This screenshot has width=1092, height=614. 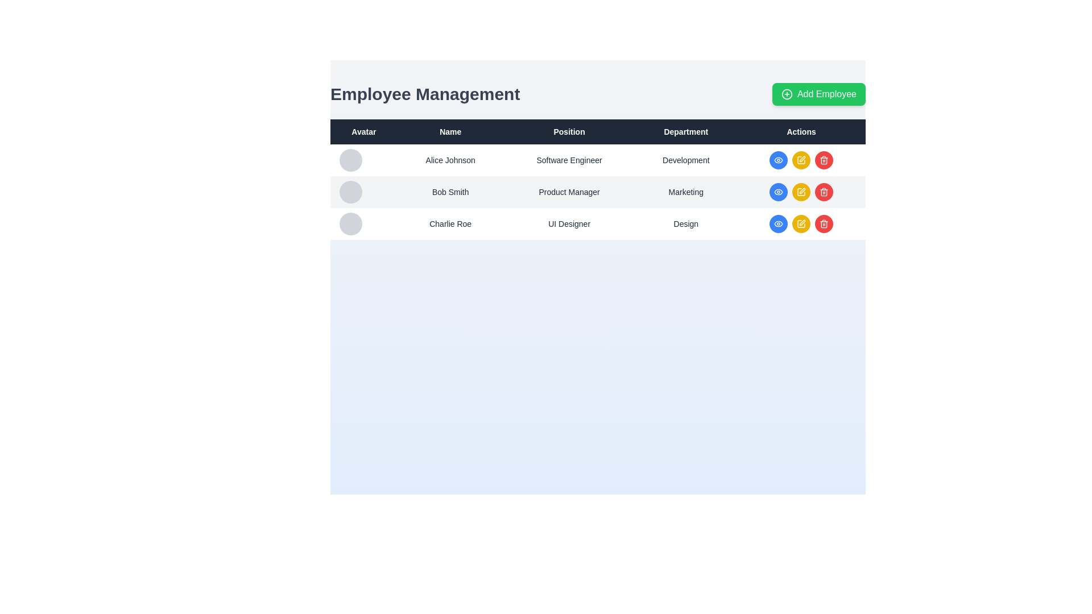 I want to click on the header and button component located at the top of the page, so click(x=597, y=93).